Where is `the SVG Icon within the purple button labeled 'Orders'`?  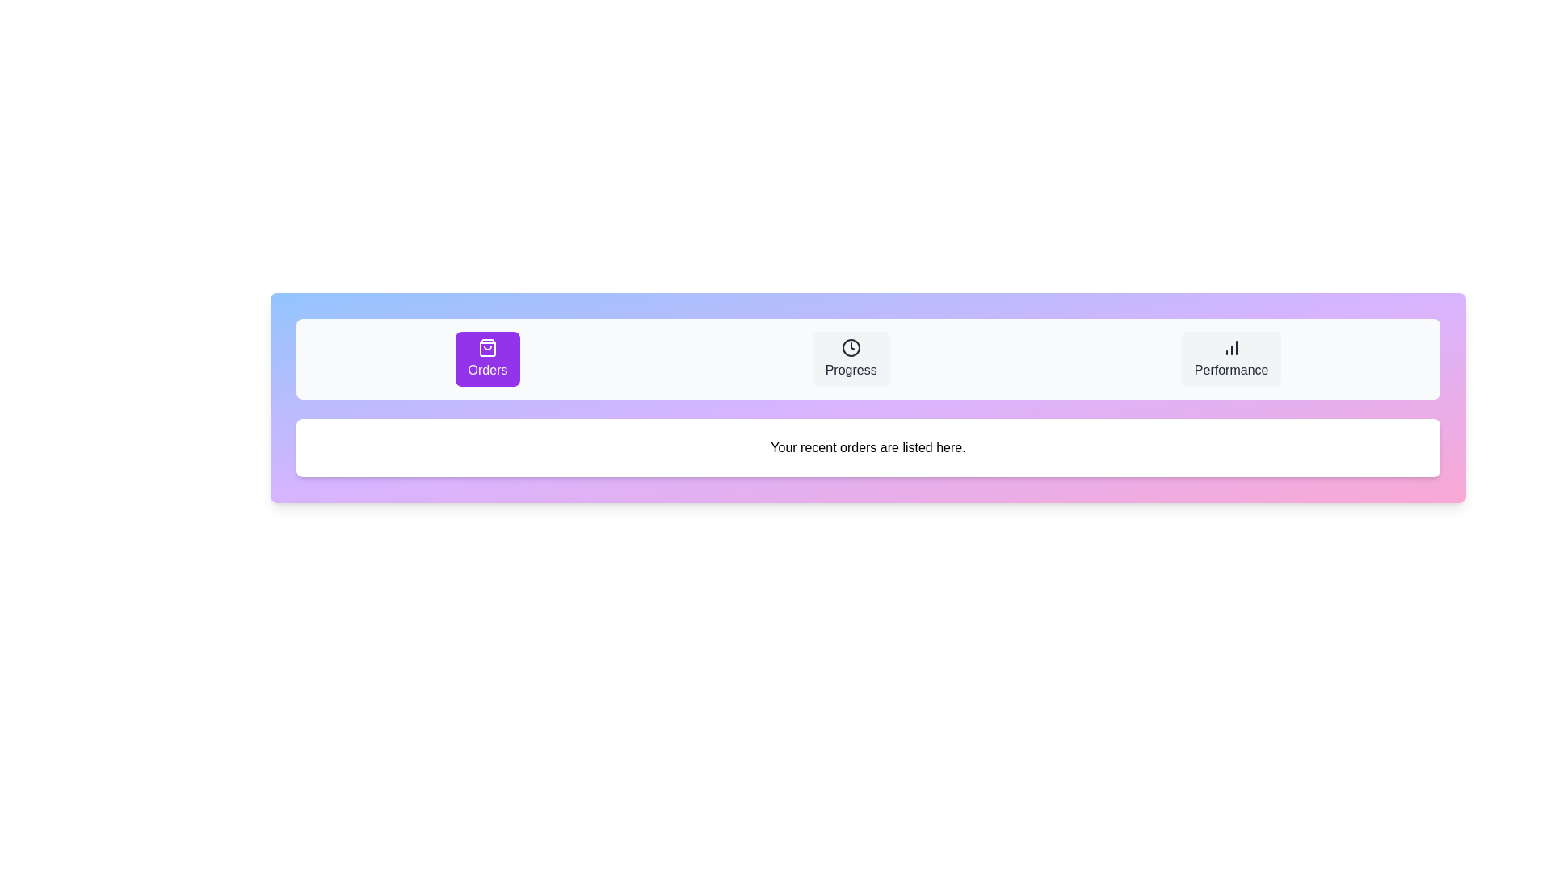
the SVG Icon within the purple button labeled 'Orders' is located at coordinates (487, 347).